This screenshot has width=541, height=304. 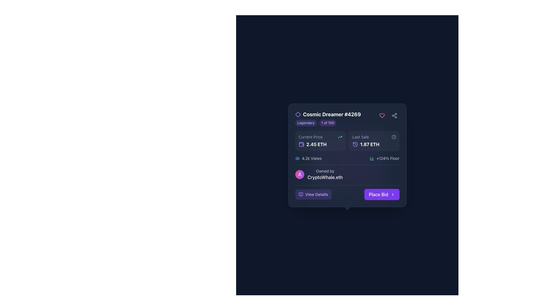 I want to click on the text element displaying '2.45 ETH' with the purple wallet icon, located within the 'Current Price' section, so click(x=320, y=144).